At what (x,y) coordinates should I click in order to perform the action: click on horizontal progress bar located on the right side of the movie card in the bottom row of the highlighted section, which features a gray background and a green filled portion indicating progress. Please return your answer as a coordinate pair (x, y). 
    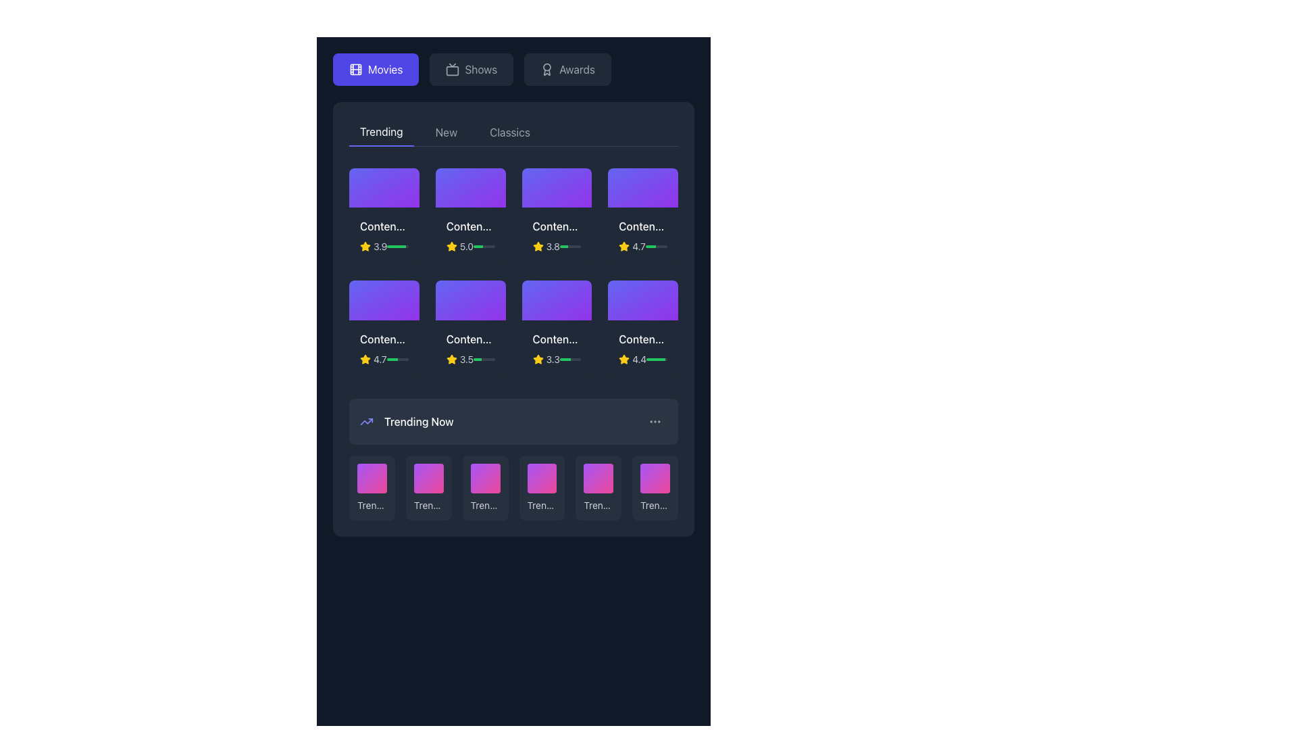
    Looking at the image, I should click on (657, 358).